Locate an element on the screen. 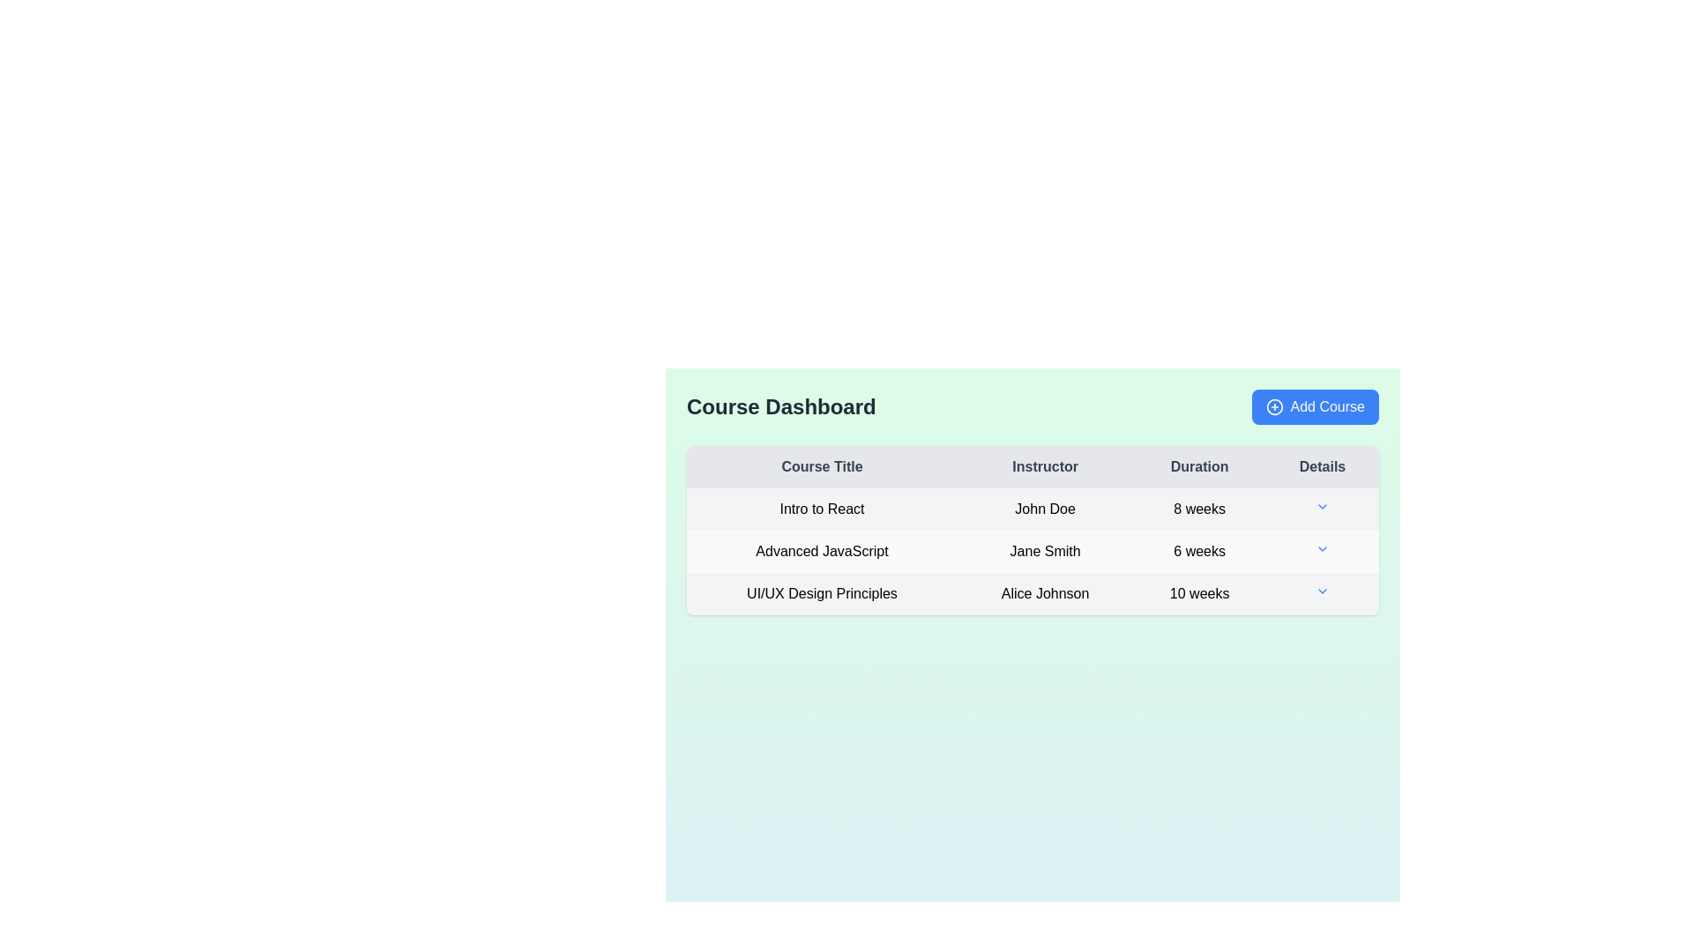 Image resolution: width=1693 pixels, height=952 pixels. the text label that serves as the title of a course located in the first row of the table under the 'Course Title' column, before the instructor name 'John Doe' and the duration '8 weeks' is located at coordinates (821, 509).